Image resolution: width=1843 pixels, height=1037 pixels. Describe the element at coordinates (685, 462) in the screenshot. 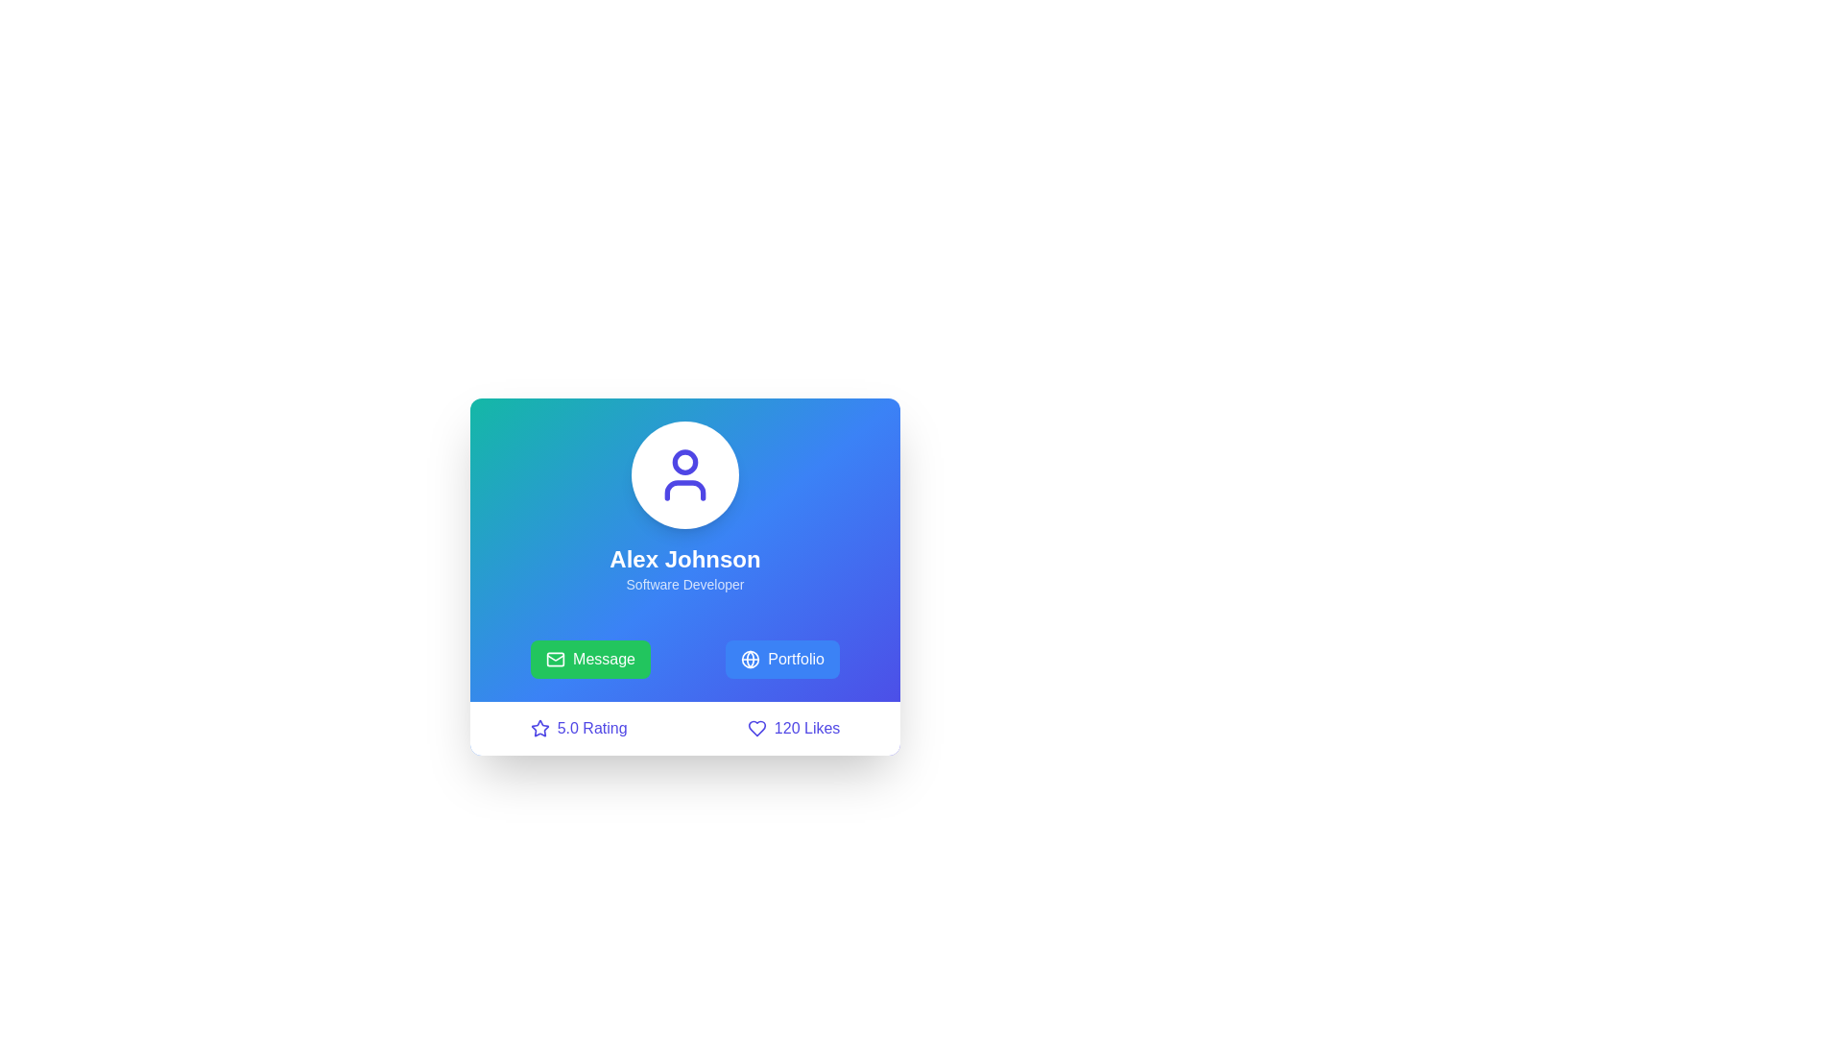

I see `the SVG Circle representing the head in the user avatar, located in the upper central portion of the profile card` at that location.